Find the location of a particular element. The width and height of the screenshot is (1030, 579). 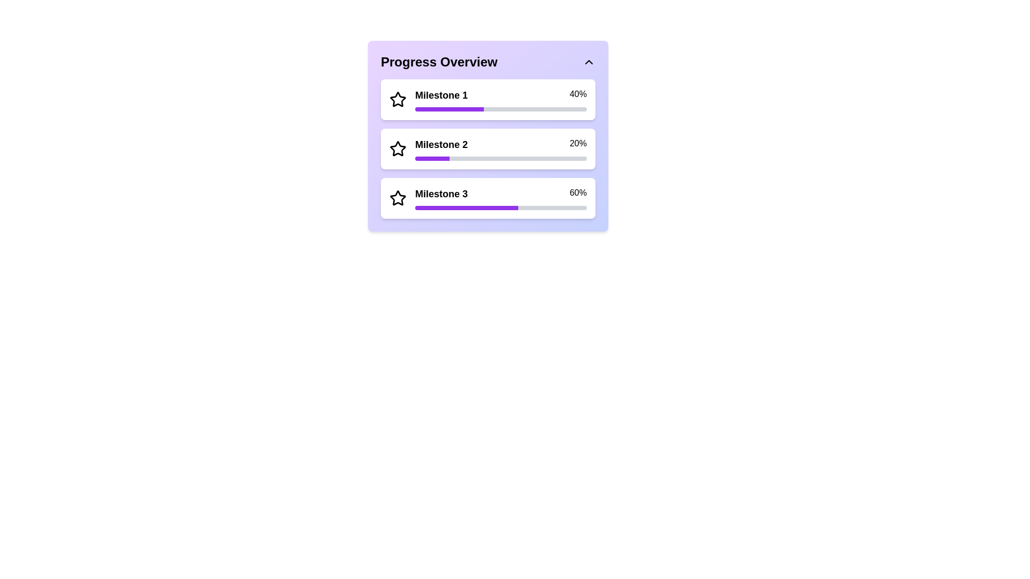

the visual progress bar representing 20% progress, located in the second row of the progress overview panel beneath the 'Milestone 2' heading is located at coordinates (432, 159).